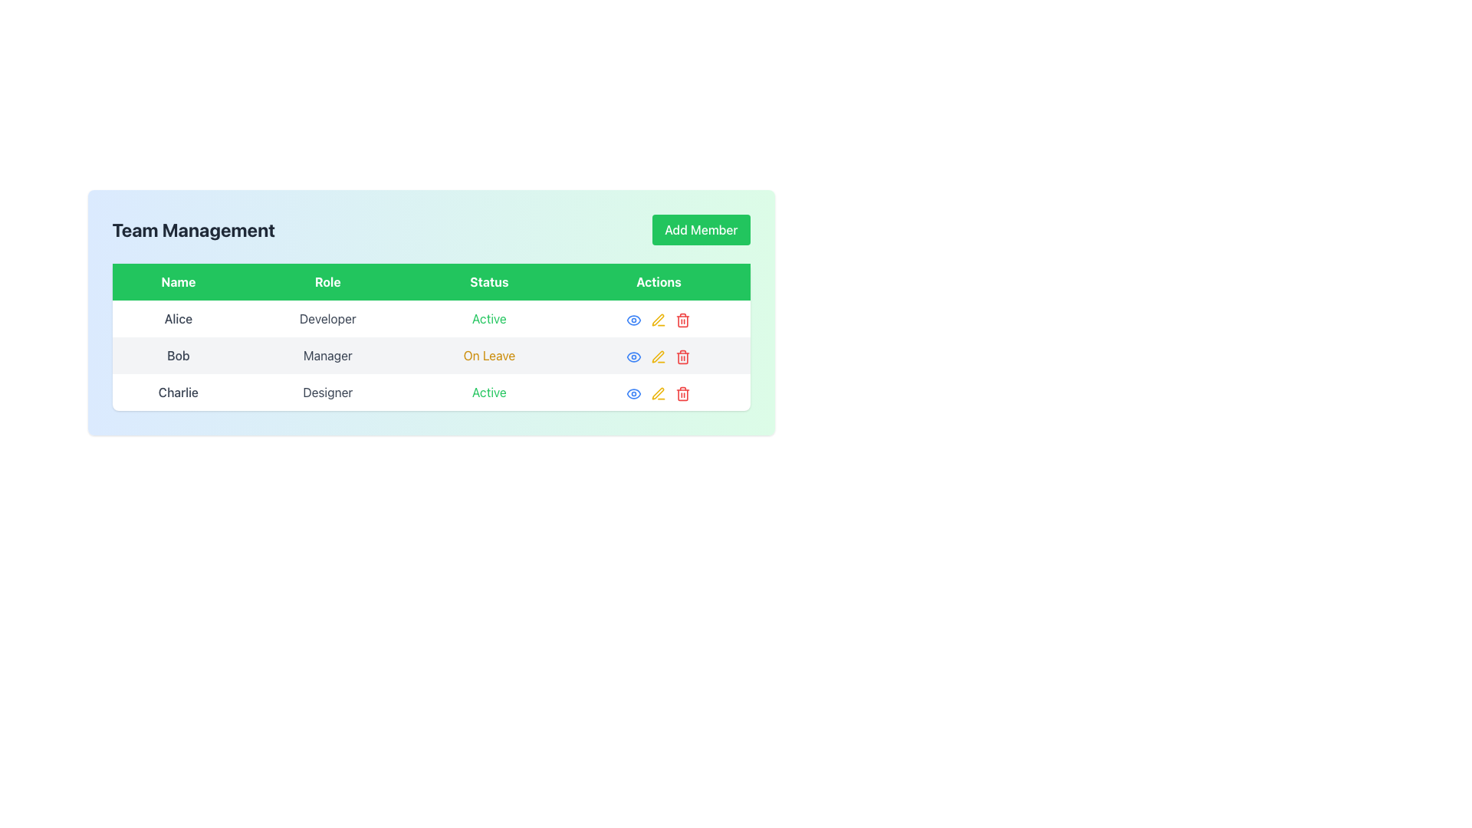 Image resolution: width=1472 pixels, height=828 pixels. What do you see at coordinates (327, 318) in the screenshot?
I see `the Text label displaying the role of 'Alice' in the Role column of the table` at bounding box center [327, 318].